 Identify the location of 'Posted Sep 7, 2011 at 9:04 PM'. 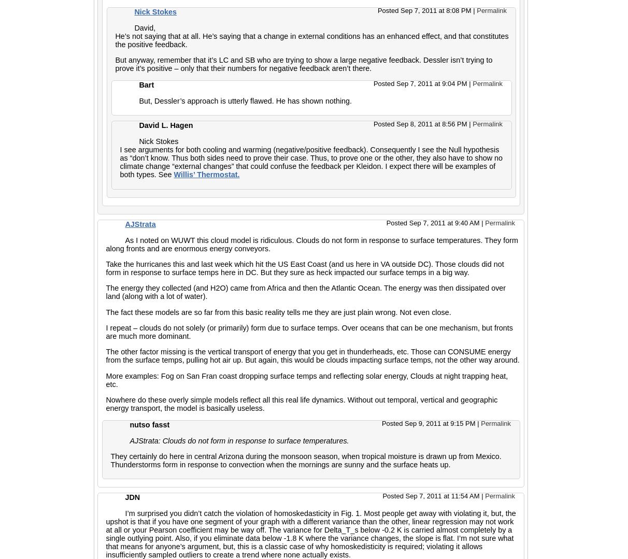
(420, 82).